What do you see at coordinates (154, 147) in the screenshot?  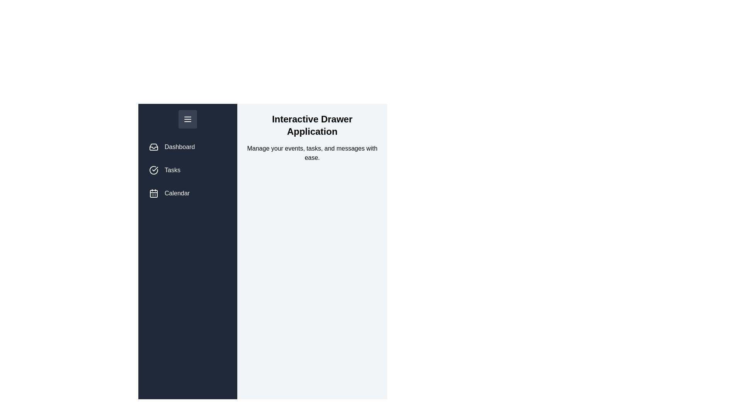 I see `the Dashboard icon located on the left side of the interface, which visually represents the Dashboard sidebar menu entry` at bounding box center [154, 147].